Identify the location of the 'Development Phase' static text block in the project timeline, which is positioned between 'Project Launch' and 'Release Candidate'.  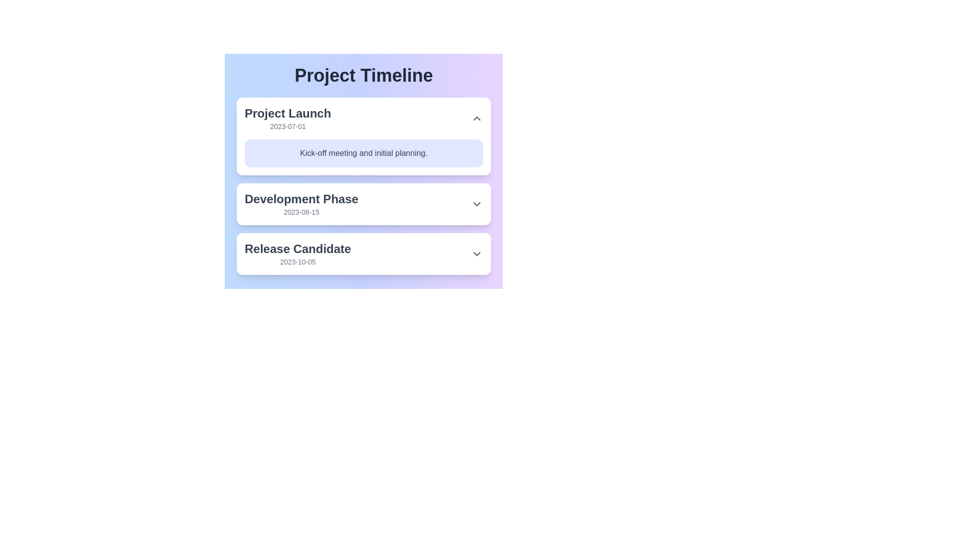
(301, 203).